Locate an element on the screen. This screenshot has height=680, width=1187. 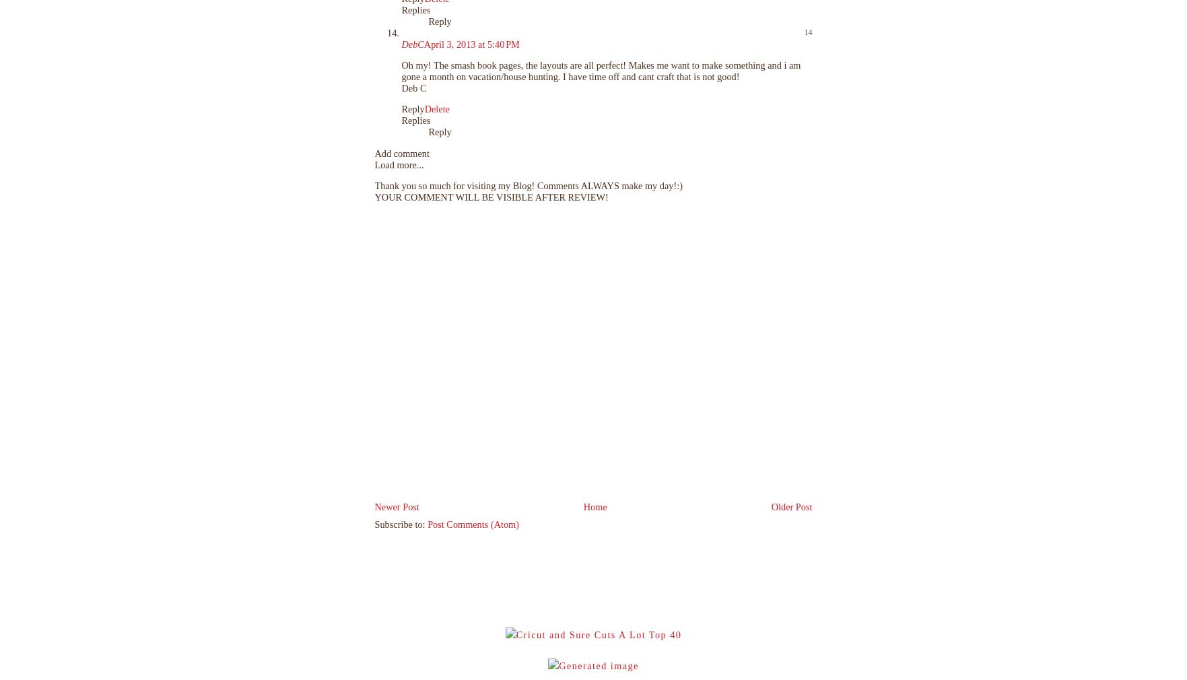
'Delete' is located at coordinates (423, 108).